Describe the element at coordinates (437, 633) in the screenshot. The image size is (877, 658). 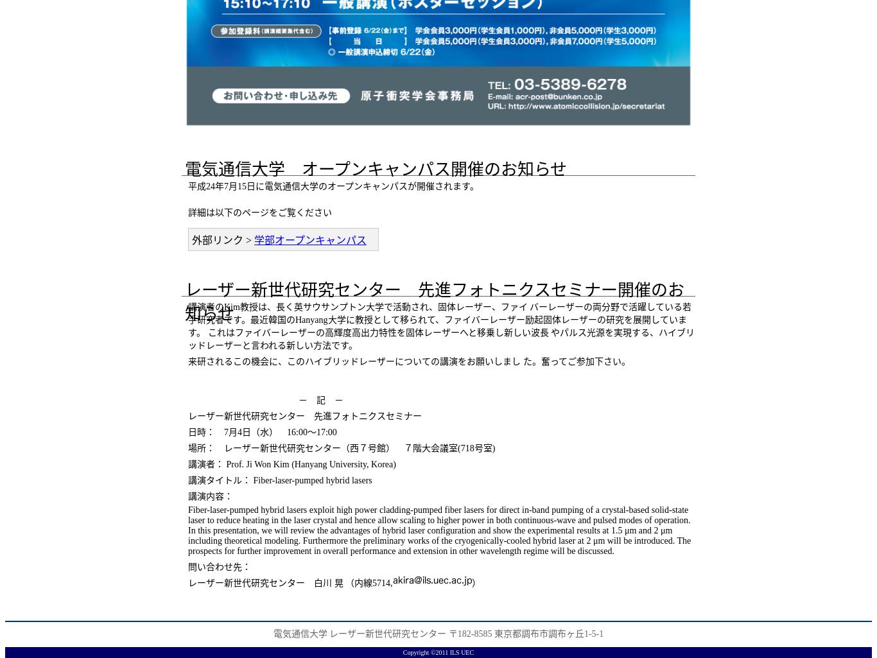
I see `'電気通信大学 レーザー新世代研究センター 〒182-8585 東京都調布市調布ヶ丘1-5-1'` at that location.